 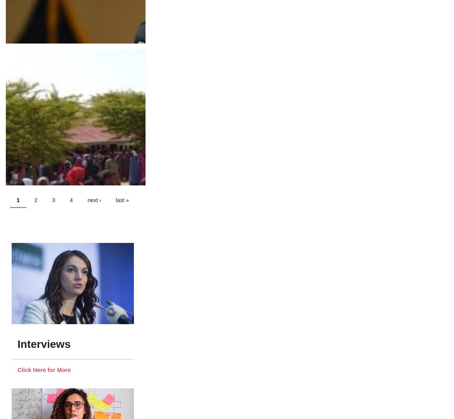 I want to click on 'POLITICO', so click(x=13, y=201).